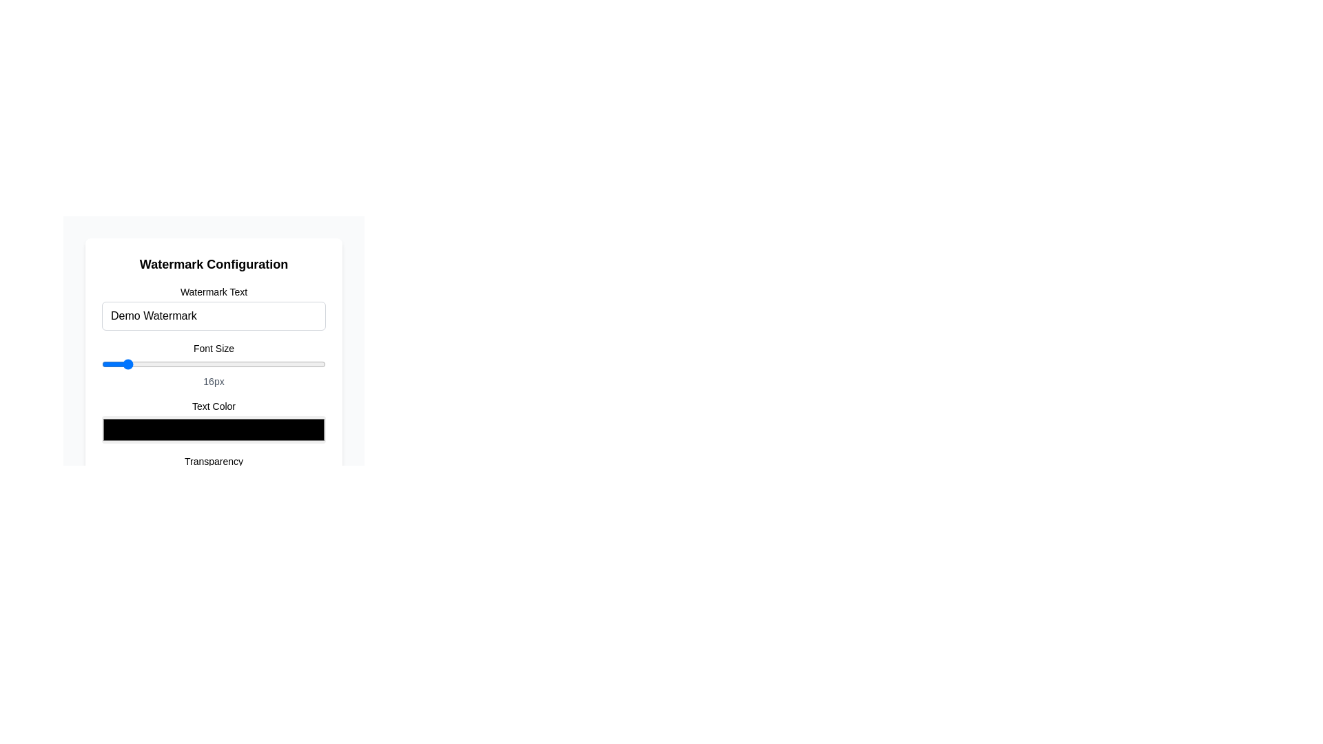  Describe the element at coordinates (213, 477) in the screenshot. I see `the transparency slider located centrally below the 'Transparency' label and above the '50%' percentage value` at that location.